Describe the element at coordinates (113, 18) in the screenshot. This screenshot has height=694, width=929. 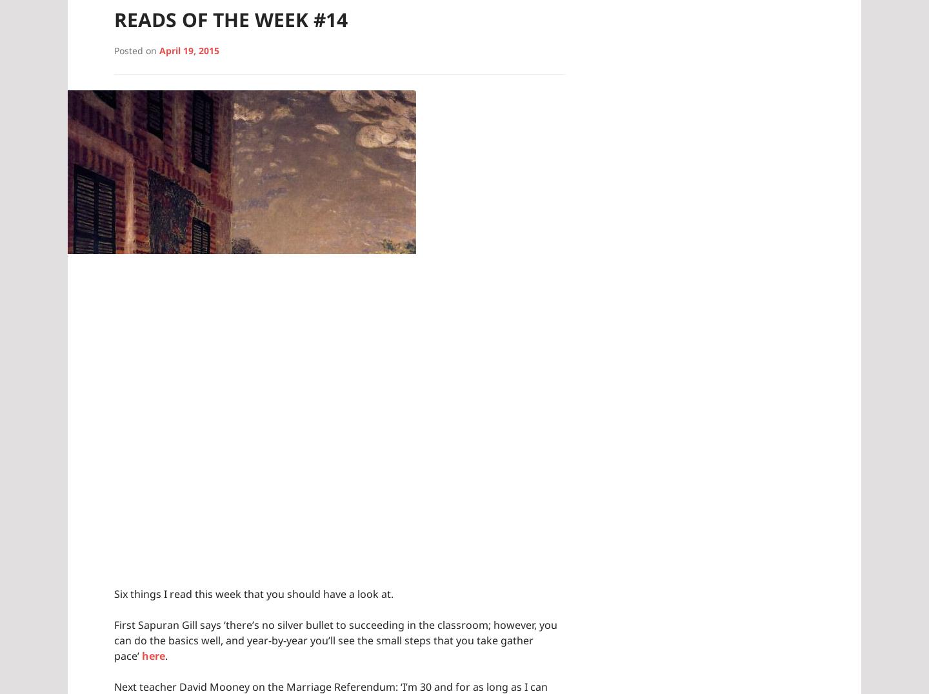
I see `'Reads of the Week #14'` at that location.